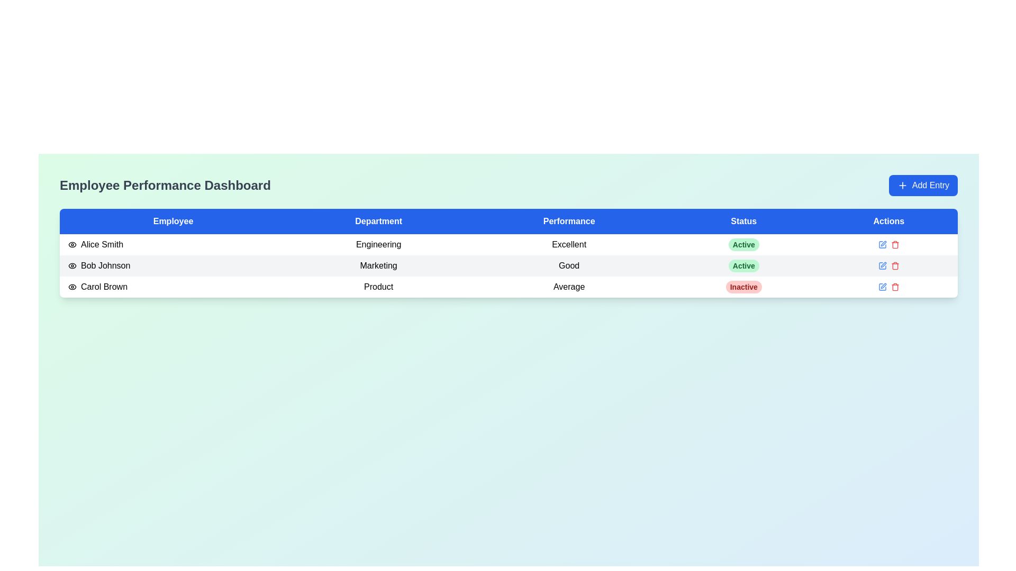  What do you see at coordinates (894, 288) in the screenshot?
I see `the trash can icon in the 'Actions' column of the last row` at bounding box center [894, 288].